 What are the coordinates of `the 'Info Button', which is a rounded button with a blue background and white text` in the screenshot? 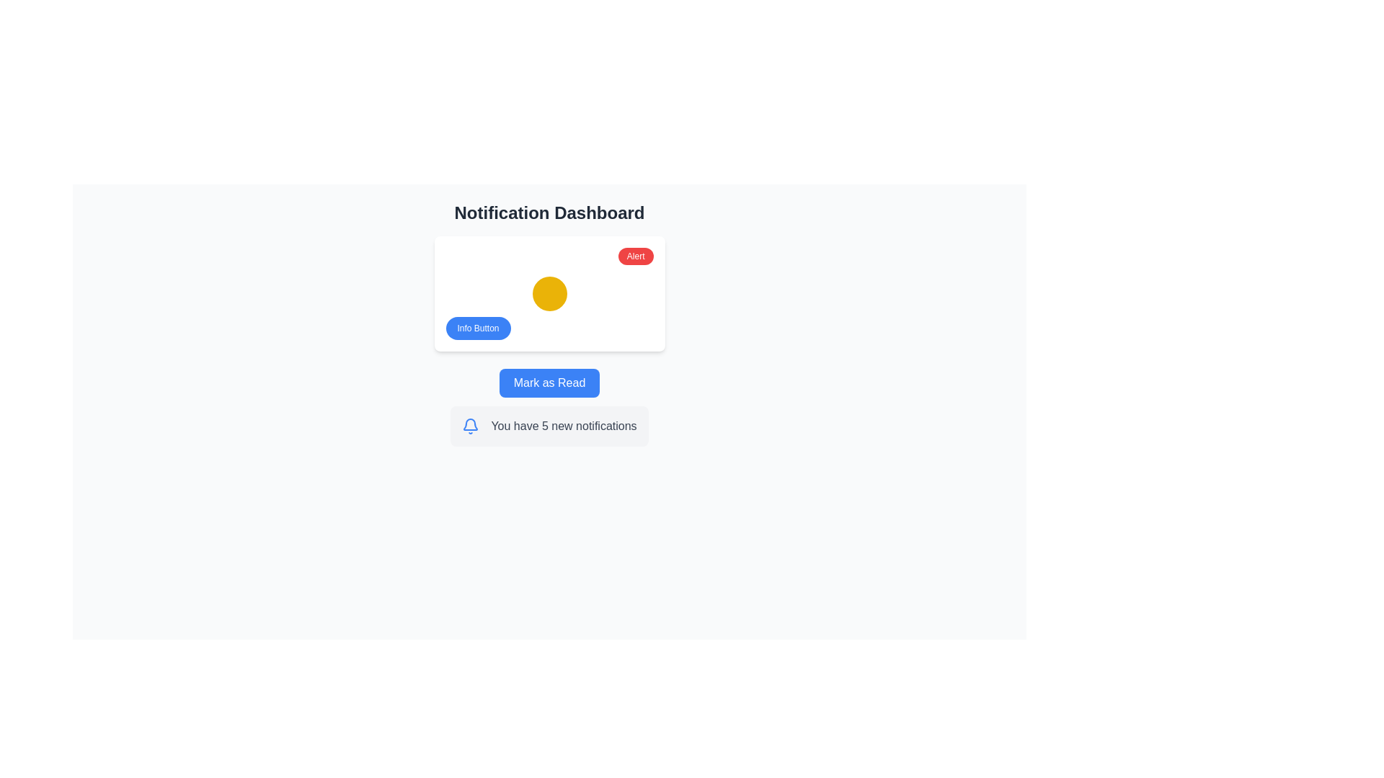 It's located at (478, 328).